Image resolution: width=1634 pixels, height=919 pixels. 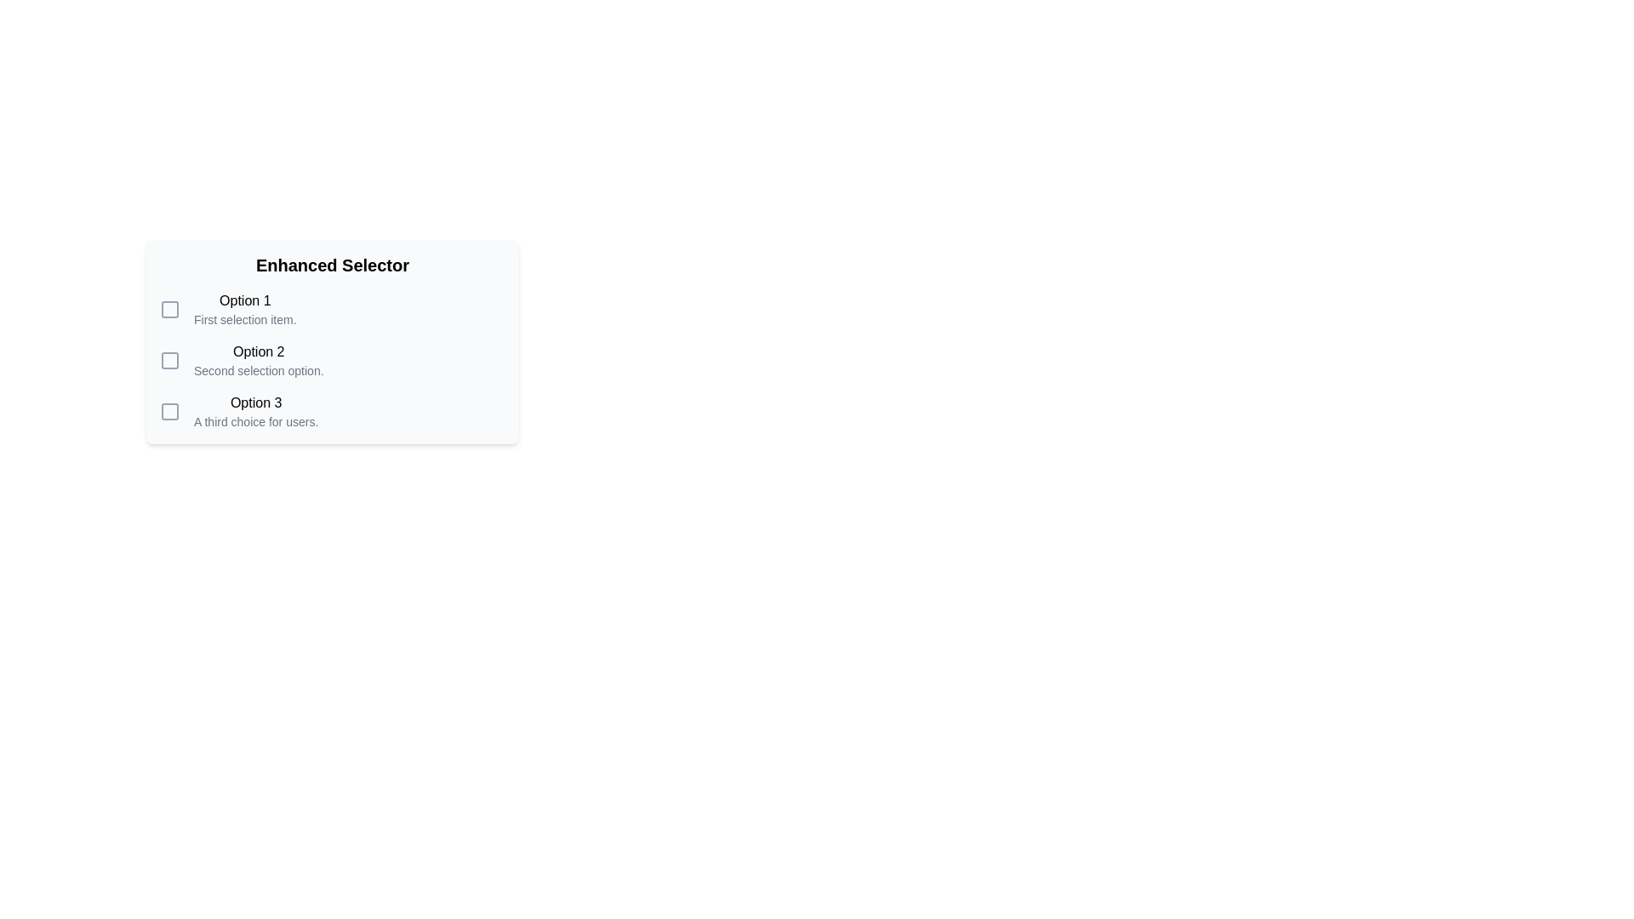 I want to click on the checkbox next to 'Option 1' in the selectable item interface, so click(x=244, y=309).